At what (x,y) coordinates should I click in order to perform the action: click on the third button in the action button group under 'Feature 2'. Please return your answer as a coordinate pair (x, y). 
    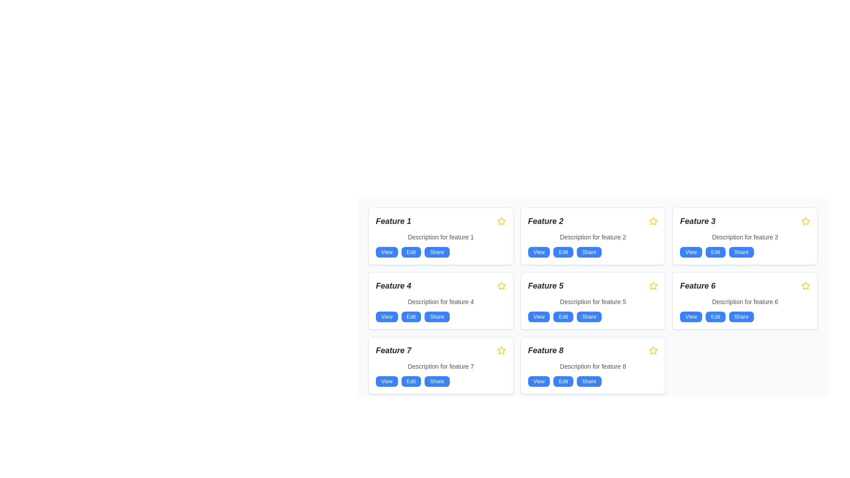
    Looking at the image, I should click on (589, 252).